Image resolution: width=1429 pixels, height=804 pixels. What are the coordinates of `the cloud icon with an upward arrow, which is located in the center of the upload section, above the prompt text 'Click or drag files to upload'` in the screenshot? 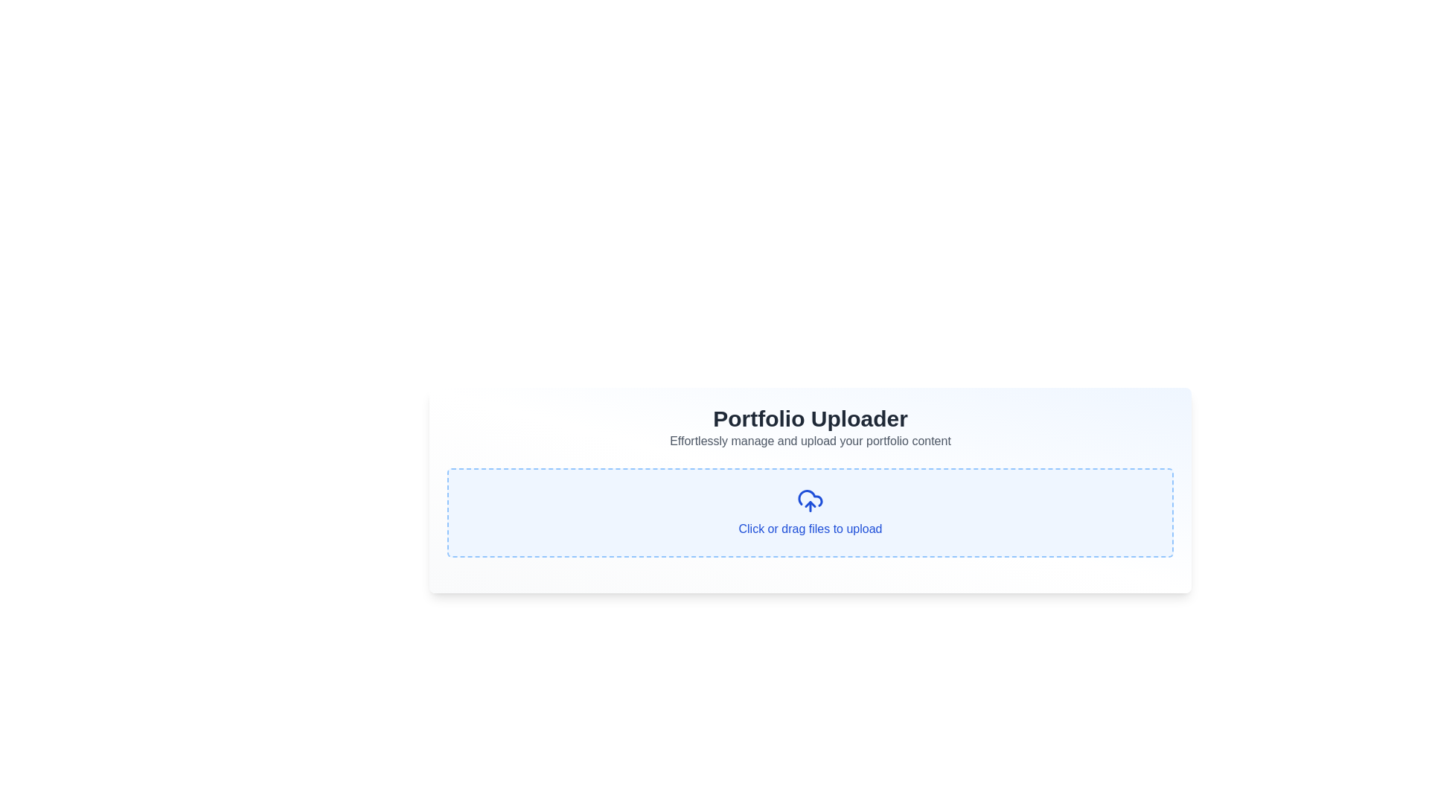 It's located at (810, 500).